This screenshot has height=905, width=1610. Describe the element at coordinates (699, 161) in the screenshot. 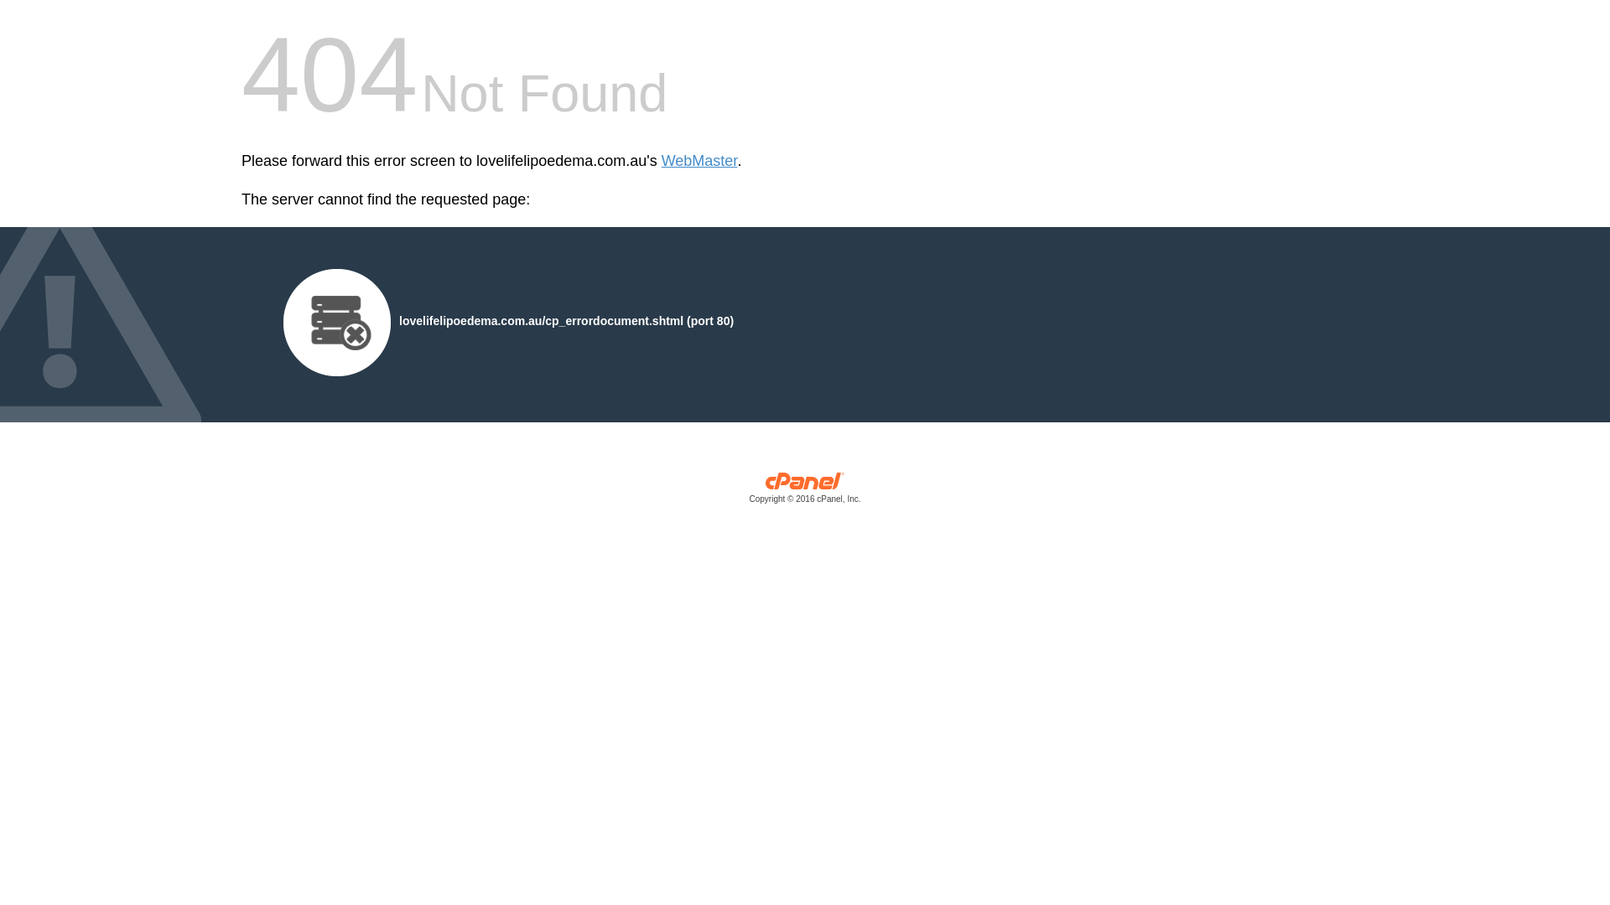

I see `'WebMaster'` at that location.